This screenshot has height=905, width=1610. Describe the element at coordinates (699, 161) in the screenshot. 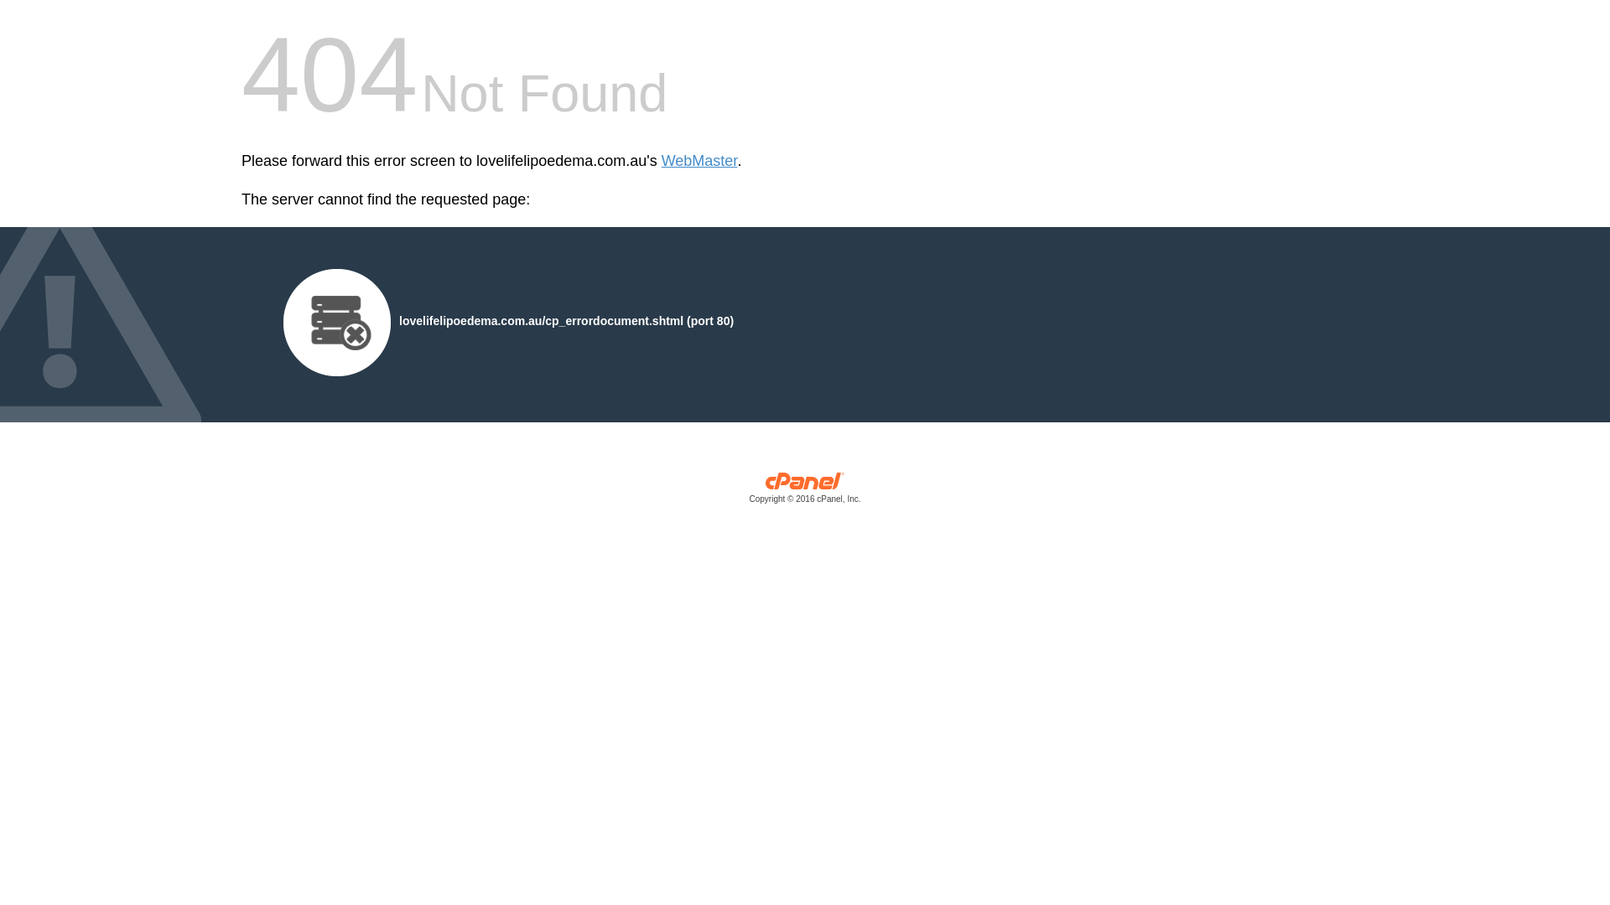

I see `'WebMaster'` at that location.